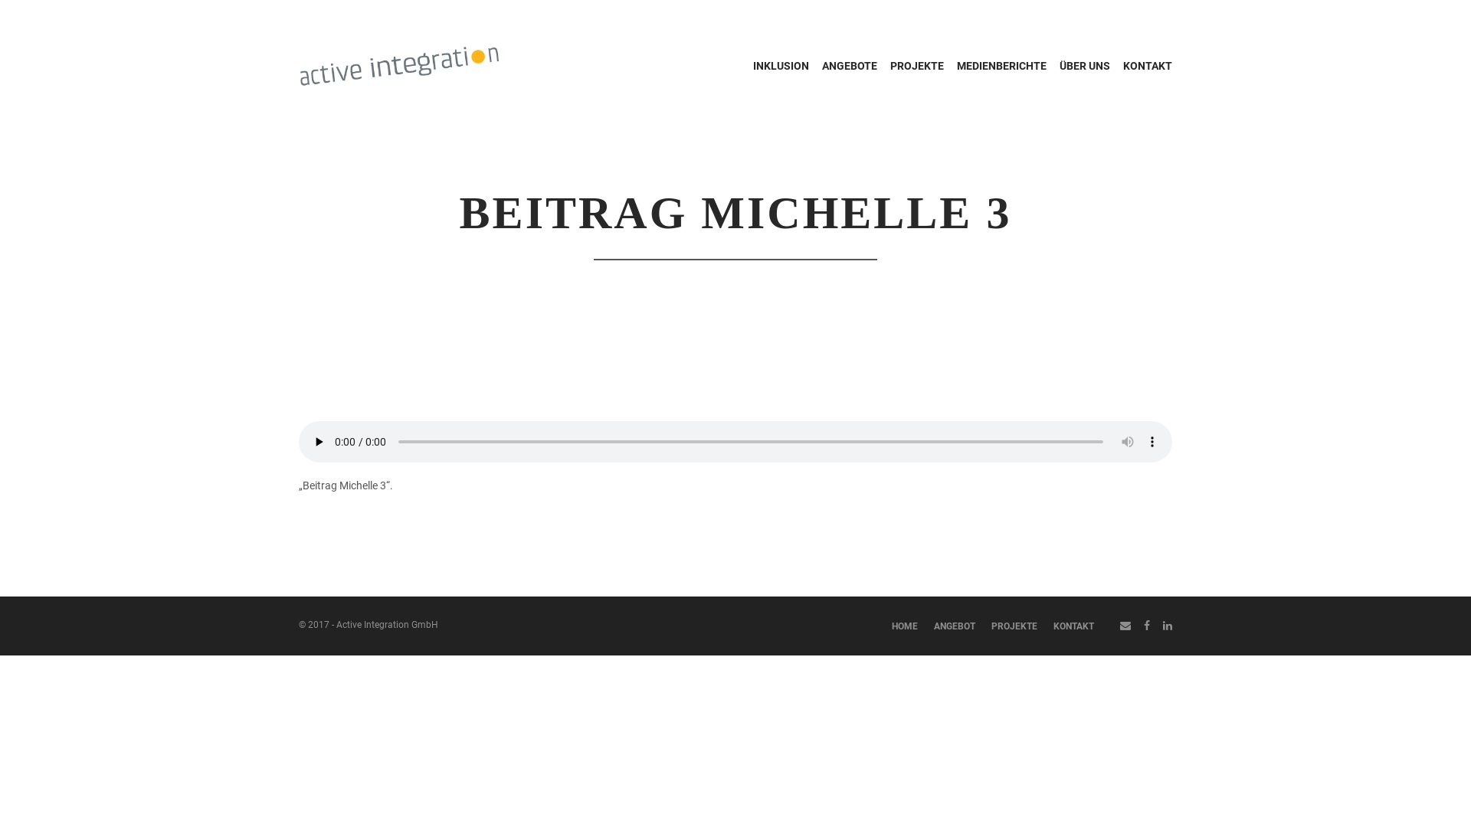 The image size is (1471, 827). What do you see at coordinates (1147, 64) in the screenshot?
I see `'KONTAKT'` at bounding box center [1147, 64].